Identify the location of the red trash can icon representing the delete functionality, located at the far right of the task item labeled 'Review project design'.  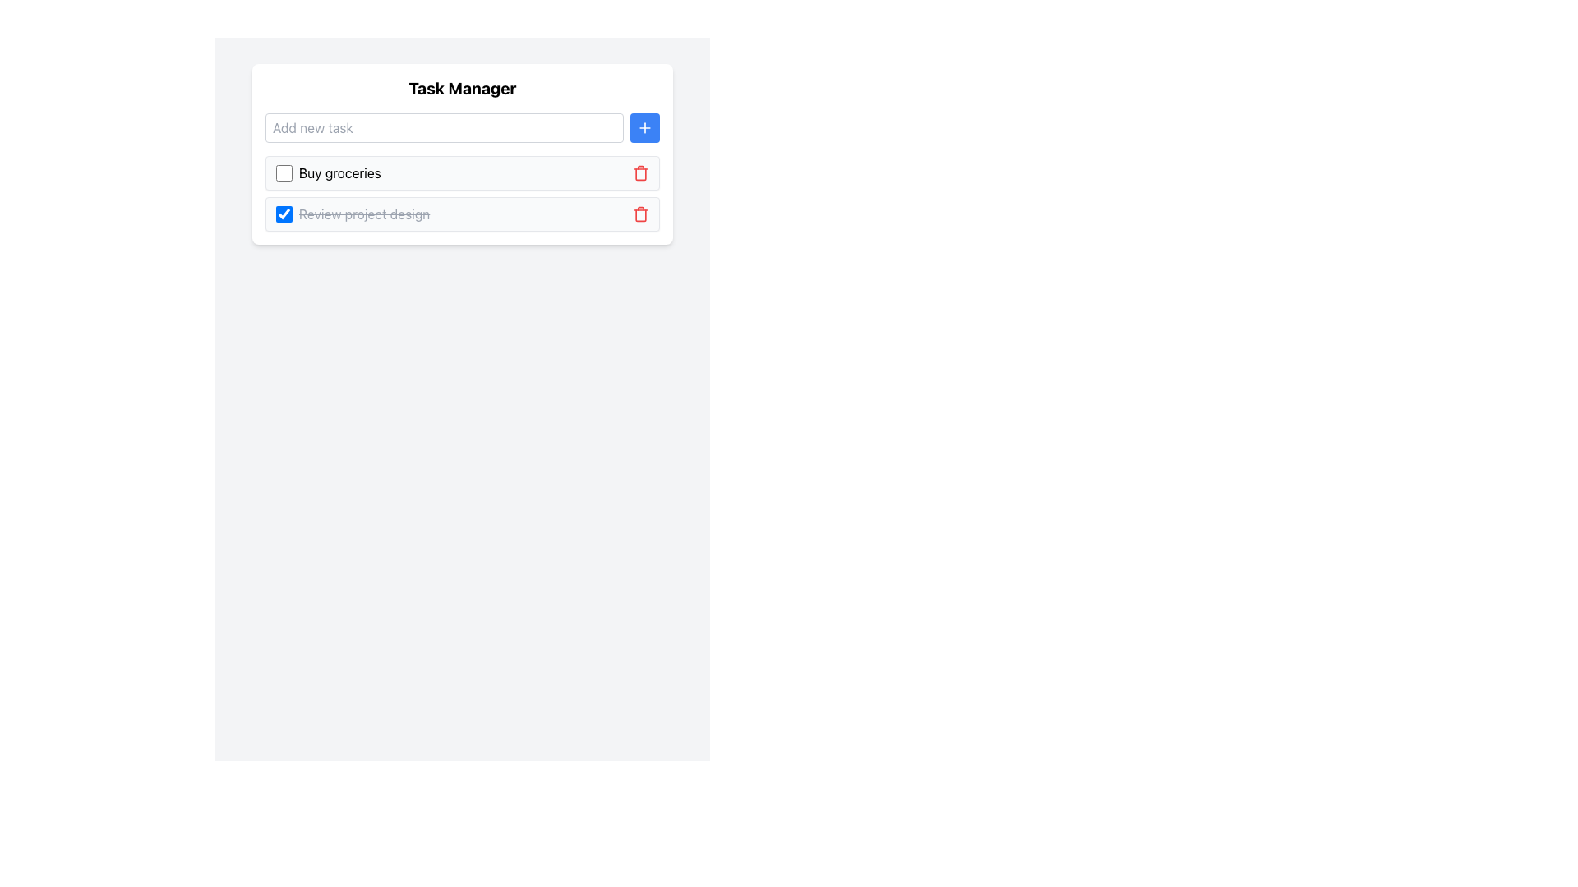
(639, 214).